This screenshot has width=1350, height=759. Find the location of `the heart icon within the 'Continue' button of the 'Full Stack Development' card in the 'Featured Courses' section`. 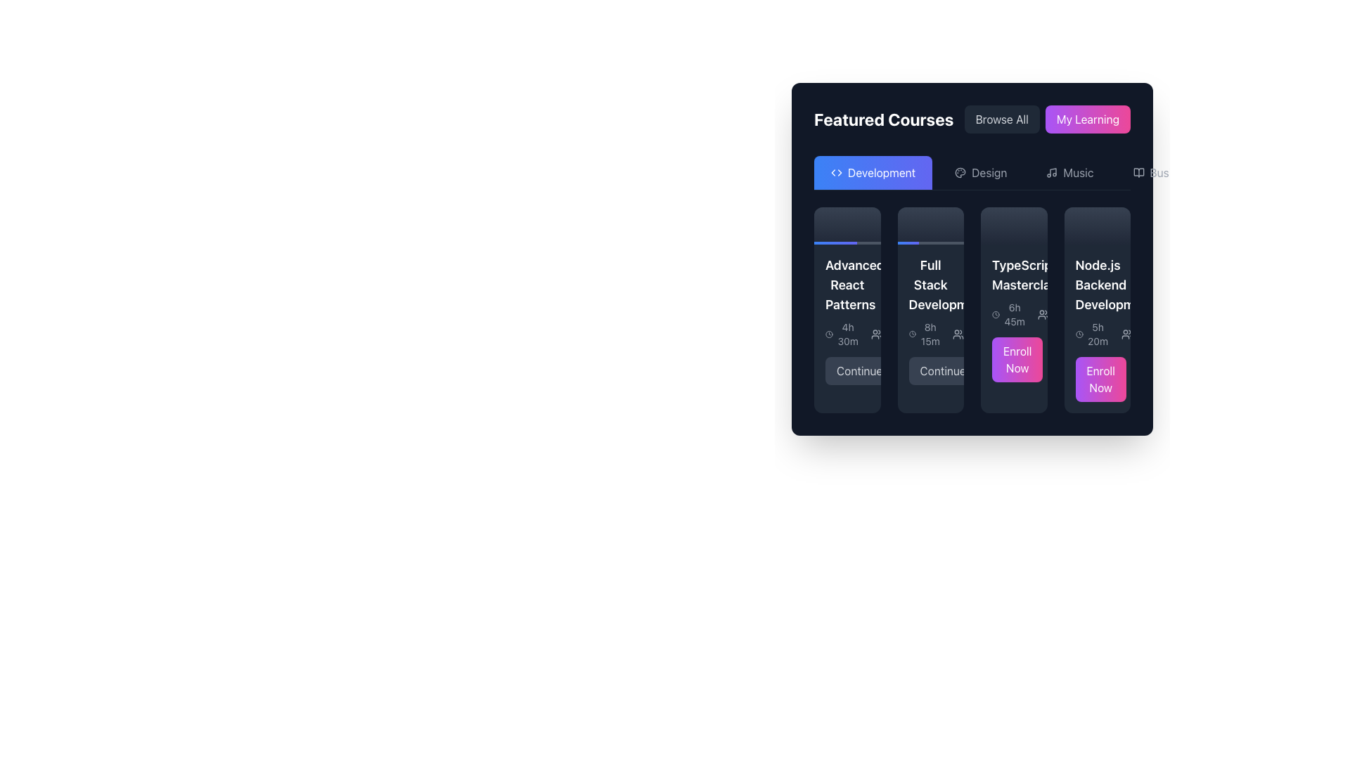

the heart icon within the 'Continue' button of the 'Full Stack Development' card in the 'Featured Courses' section is located at coordinates (906, 370).